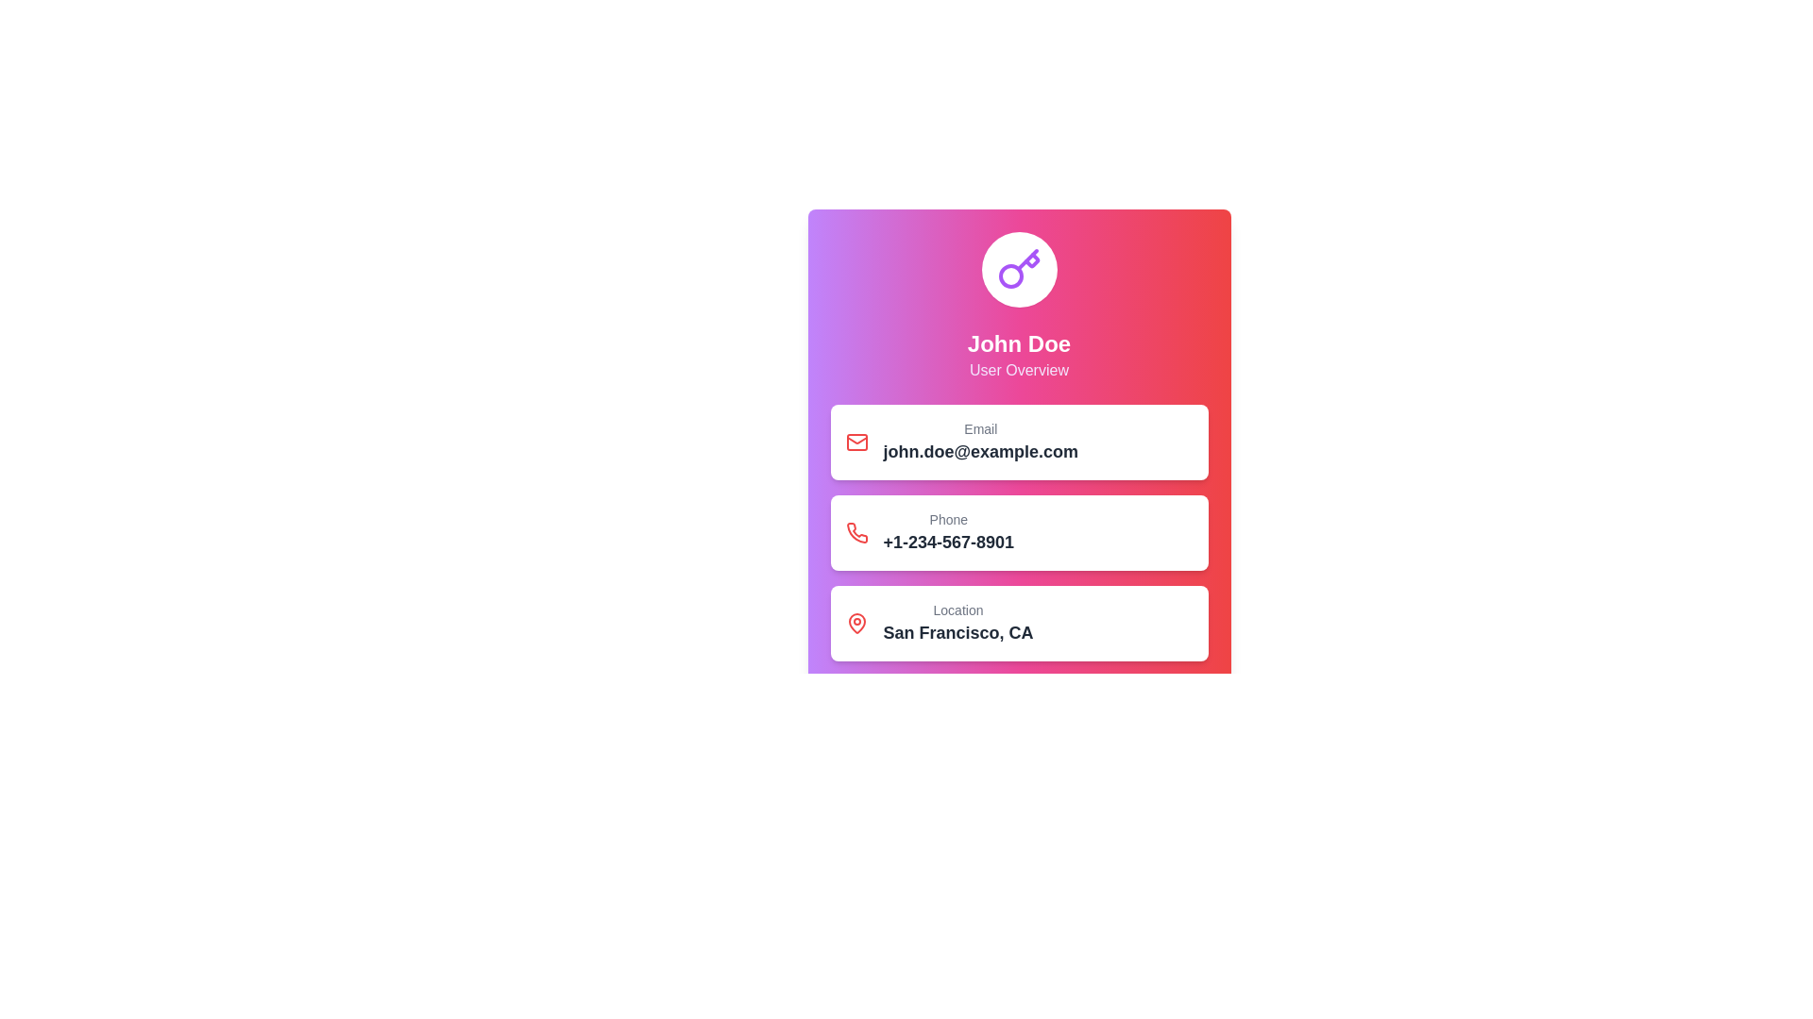 This screenshot has height=1019, width=1813. Describe the element at coordinates (856, 623) in the screenshot. I see `the location marker icon that is positioned at the leftmost side of the 'Location' section, next to the text 'Location San Francisco, CA'` at that location.